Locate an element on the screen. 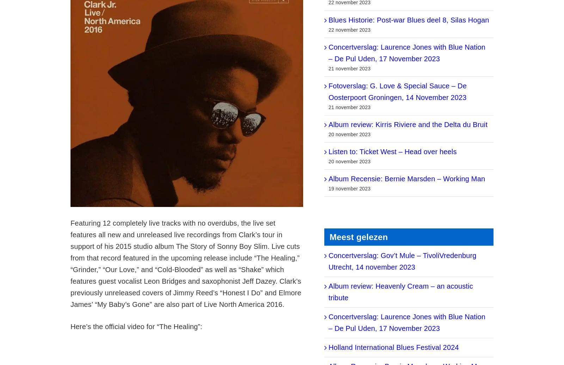 The width and height of the screenshot is (564, 365). 'Fotoverslag: G. Love & Special Sauce – De Oosterpoort Groningen, 14 November 2023' is located at coordinates (397, 91).